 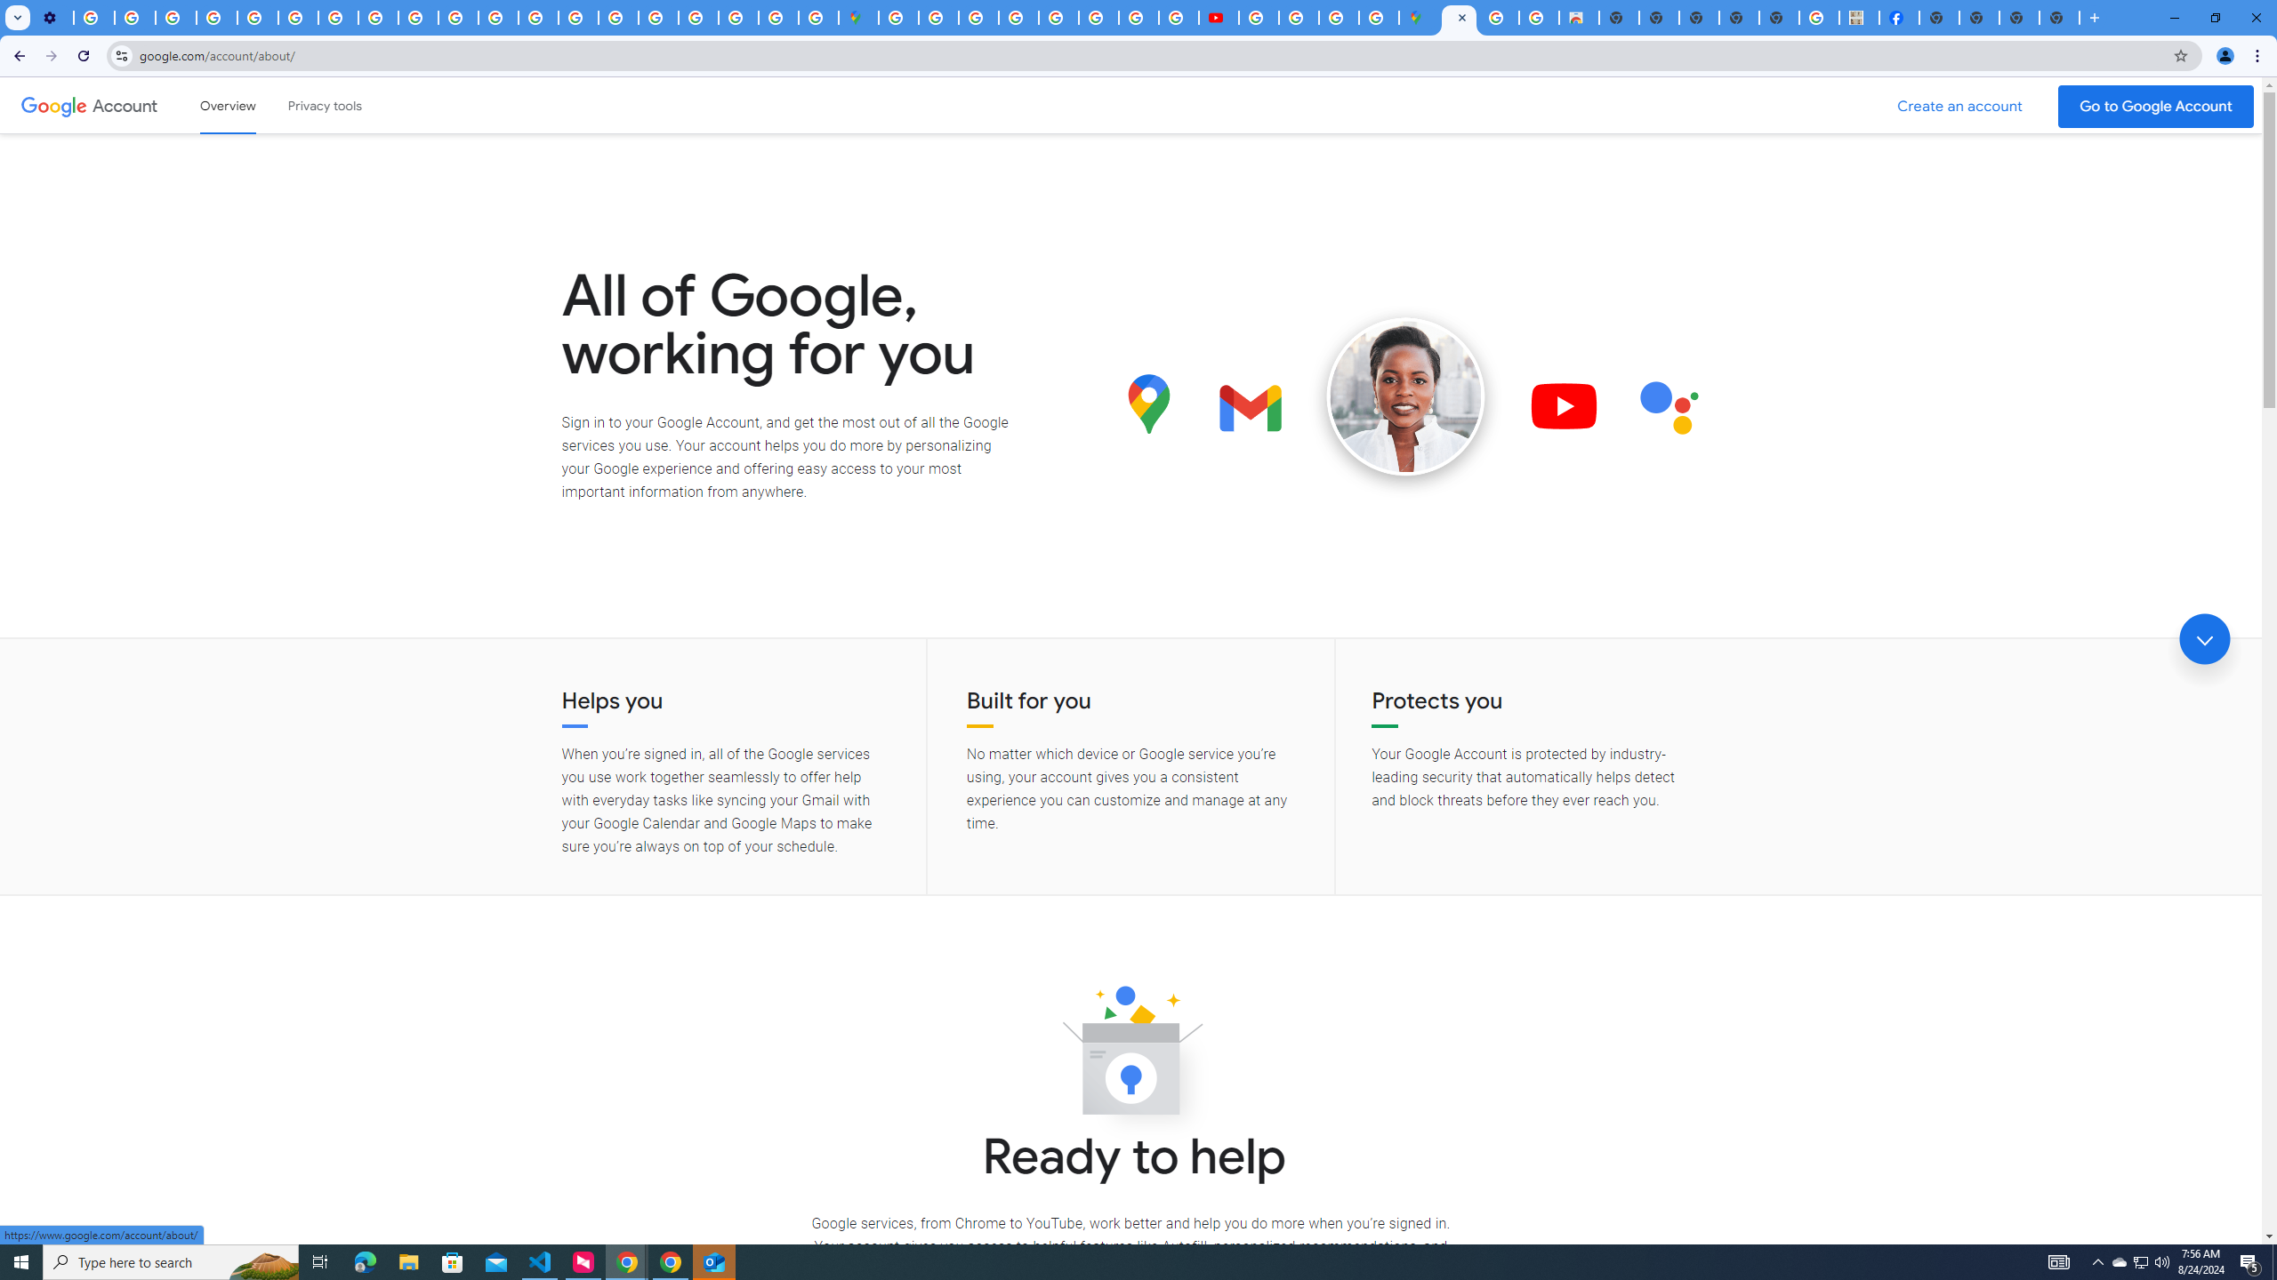 What do you see at coordinates (2156, 106) in the screenshot?
I see `'Go to your Google Account'` at bounding box center [2156, 106].